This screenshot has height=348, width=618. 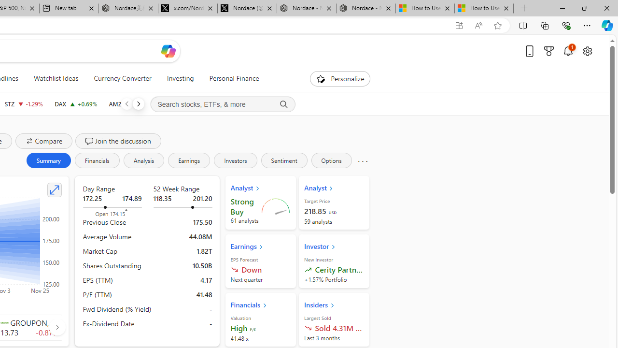 I want to click on 'App available. Install Start Money', so click(x=459, y=25).